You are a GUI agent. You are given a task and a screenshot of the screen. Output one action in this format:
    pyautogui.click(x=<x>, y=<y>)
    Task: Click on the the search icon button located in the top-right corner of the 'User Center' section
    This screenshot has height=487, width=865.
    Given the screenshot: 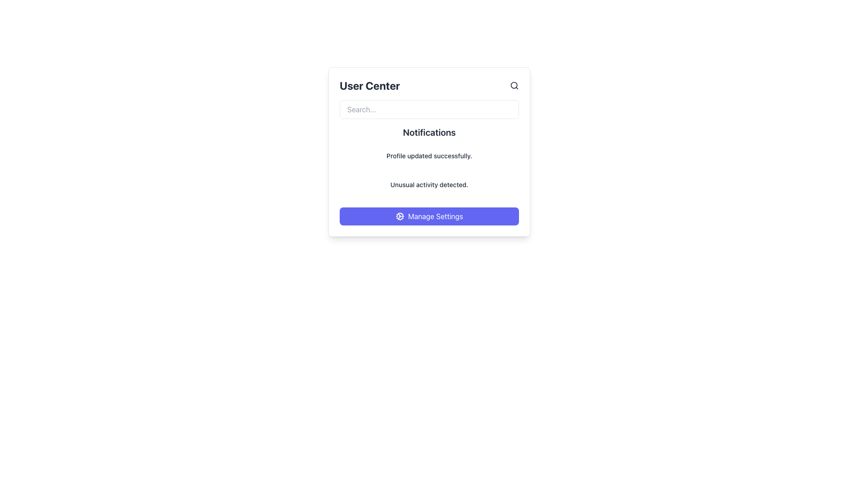 What is the action you would take?
    pyautogui.click(x=514, y=85)
    